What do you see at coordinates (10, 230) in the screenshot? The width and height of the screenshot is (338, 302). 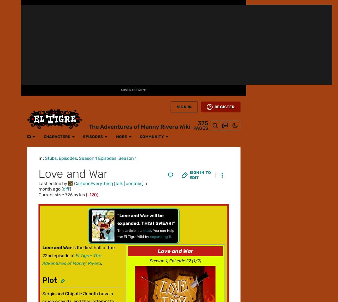 I see `'Start a Wiki'` at bounding box center [10, 230].